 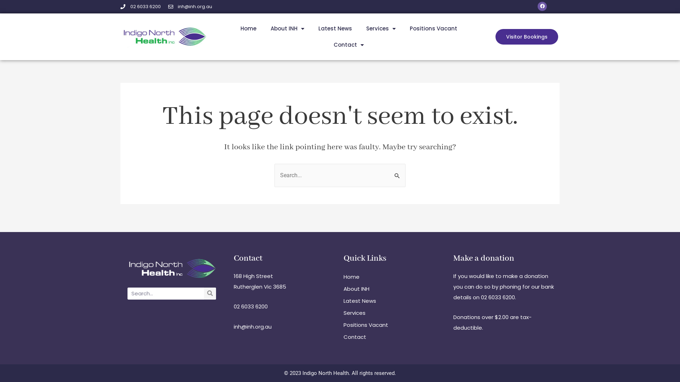 What do you see at coordinates (397, 171) in the screenshot?
I see `'Search'` at bounding box center [397, 171].